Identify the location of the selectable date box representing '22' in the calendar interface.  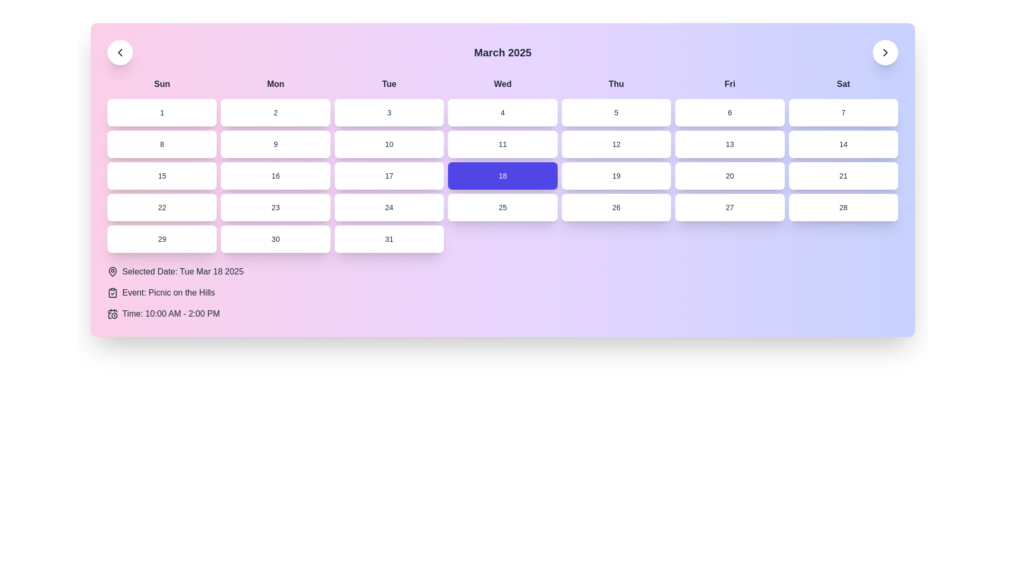
(161, 207).